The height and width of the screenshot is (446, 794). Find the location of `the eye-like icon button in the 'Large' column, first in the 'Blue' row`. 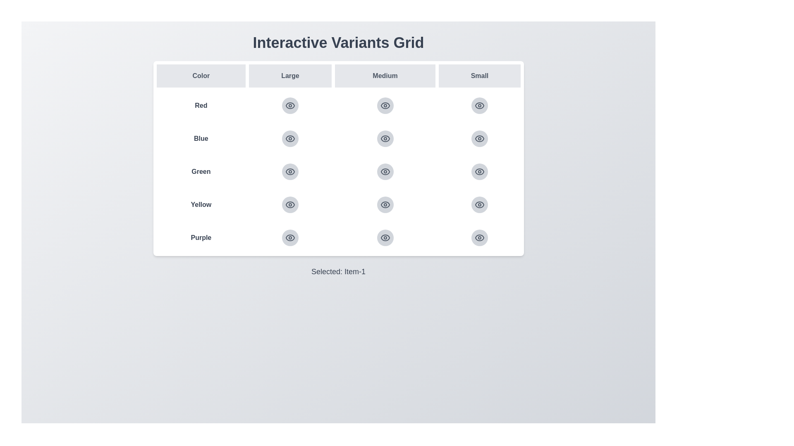

the eye-like icon button in the 'Large' column, first in the 'Blue' row is located at coordinates (290, 138).